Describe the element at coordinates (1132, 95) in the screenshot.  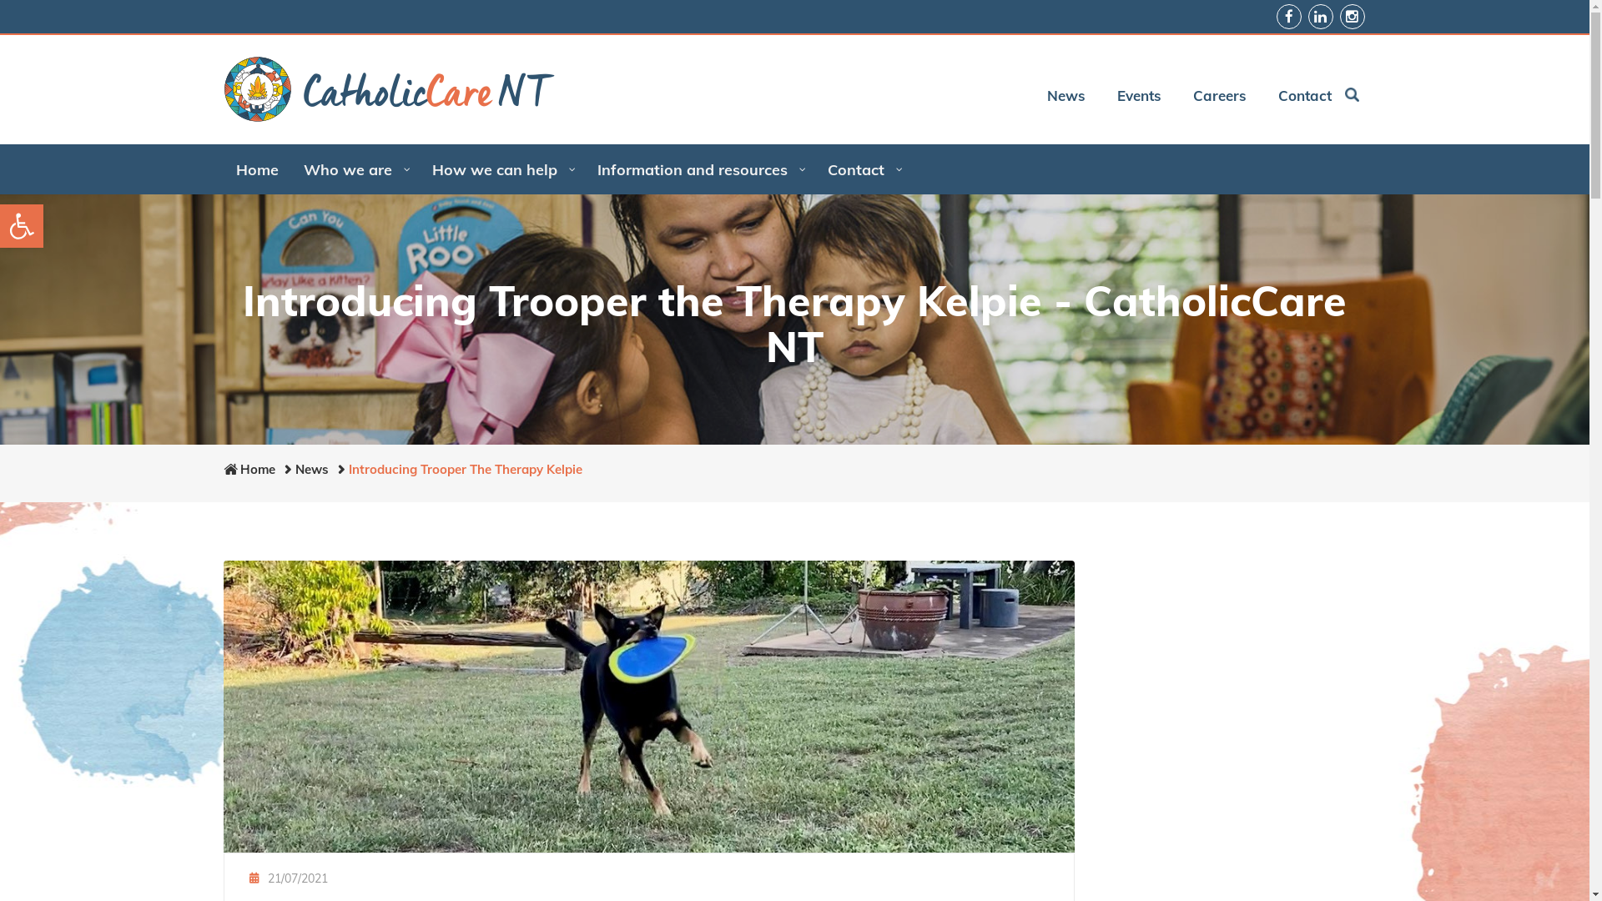
I see `'Events'` at that location.